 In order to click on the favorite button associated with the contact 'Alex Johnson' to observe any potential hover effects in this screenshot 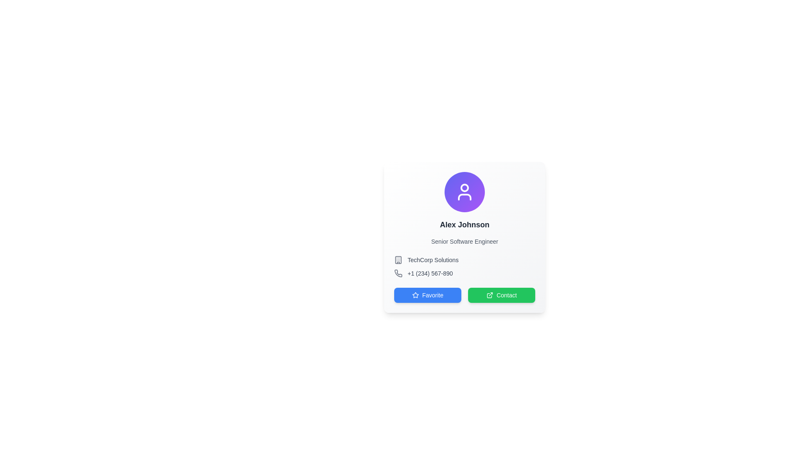, I will do `click(427, 295)`.